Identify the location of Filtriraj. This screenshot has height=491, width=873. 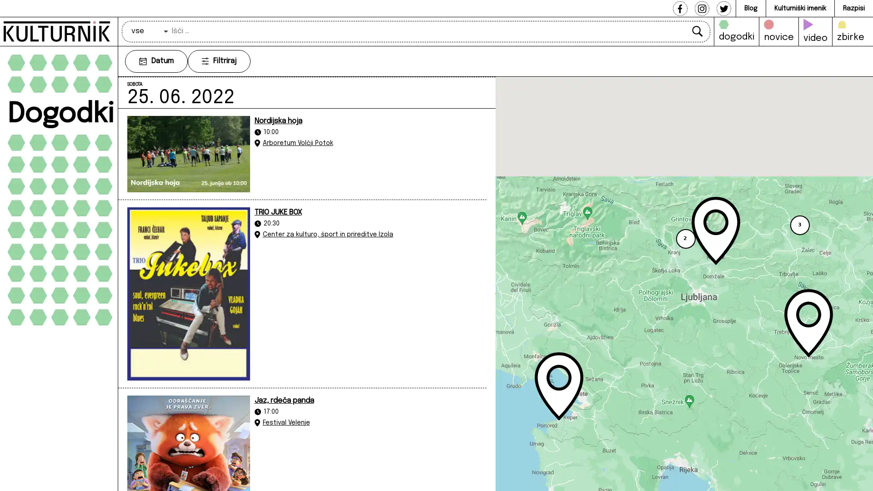
(219, 61).